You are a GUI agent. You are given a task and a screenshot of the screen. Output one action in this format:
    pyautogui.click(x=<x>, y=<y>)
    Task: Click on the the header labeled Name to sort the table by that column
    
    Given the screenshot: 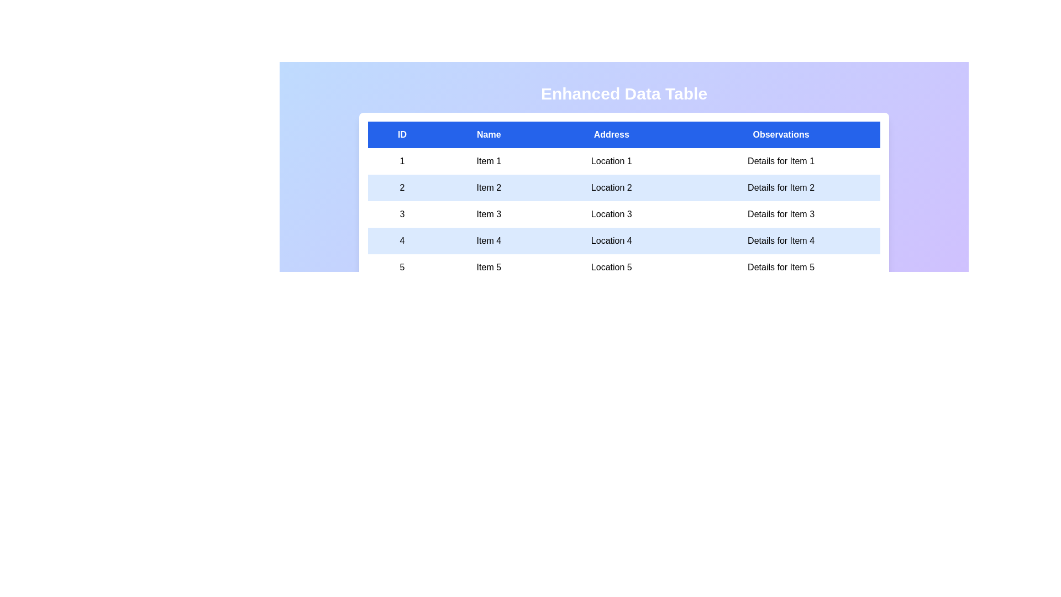 What is the action you would take?
    pyautogui.click(x=487, y=134)
    